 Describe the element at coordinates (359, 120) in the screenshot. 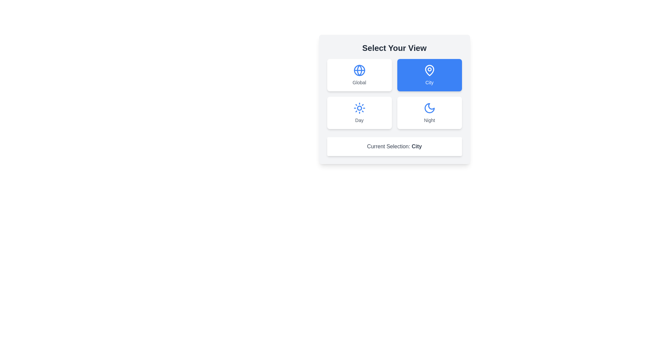

I see `text label 'Day' located at the bottom of the card that is visually grouped under a sun icon, styled in light blue` at that location.